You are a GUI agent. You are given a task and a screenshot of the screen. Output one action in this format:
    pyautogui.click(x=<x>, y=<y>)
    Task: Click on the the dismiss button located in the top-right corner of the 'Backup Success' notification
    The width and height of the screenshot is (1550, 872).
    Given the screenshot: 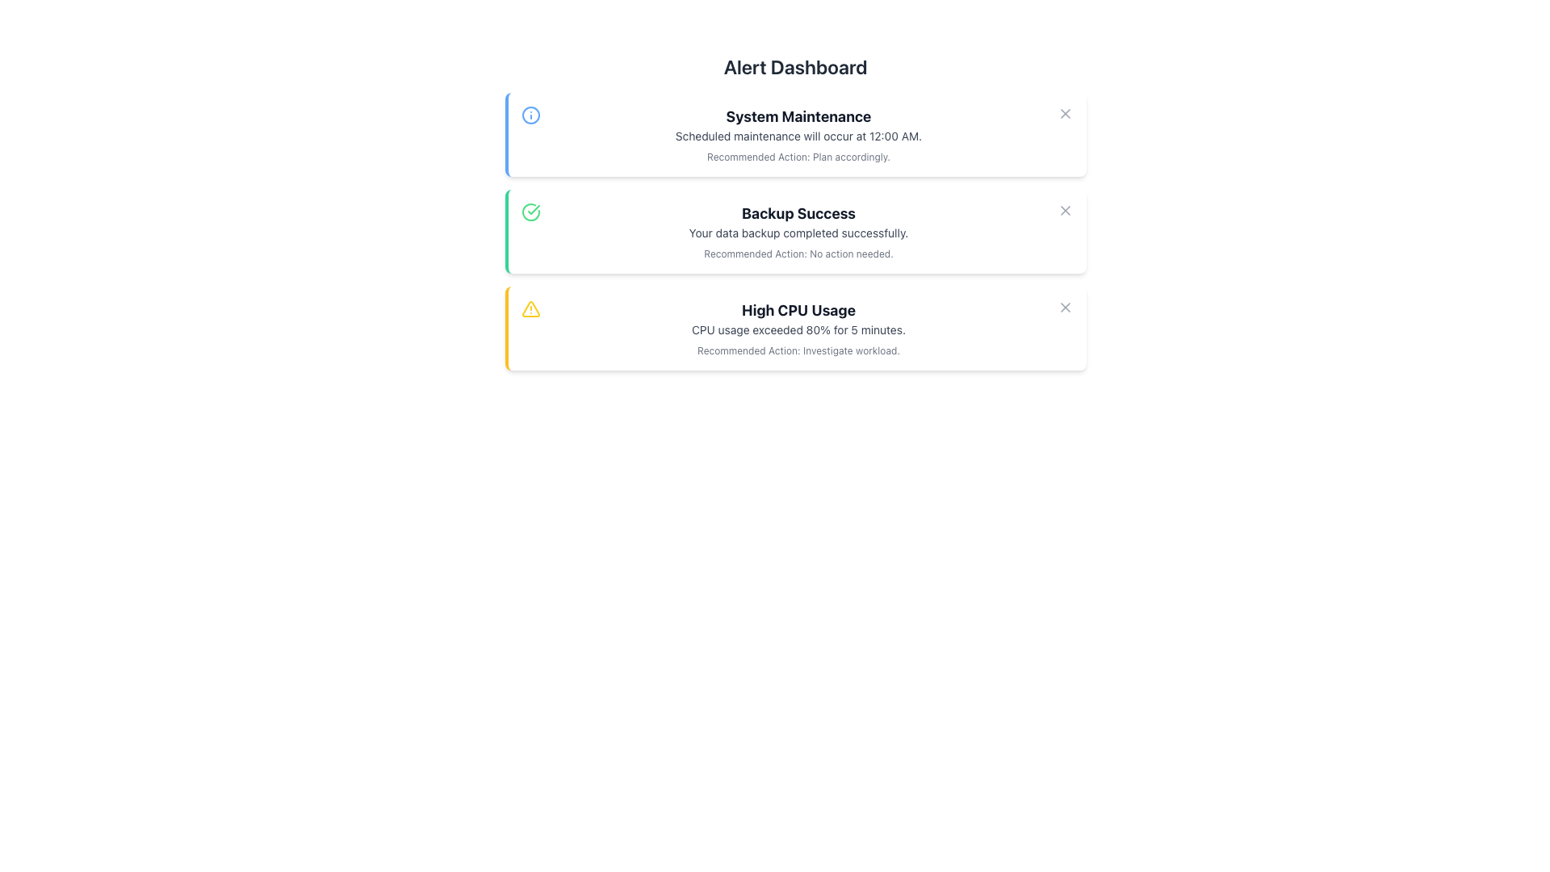 What is the action you would take?
    pyautogui.click(x=1065, y=210)
    